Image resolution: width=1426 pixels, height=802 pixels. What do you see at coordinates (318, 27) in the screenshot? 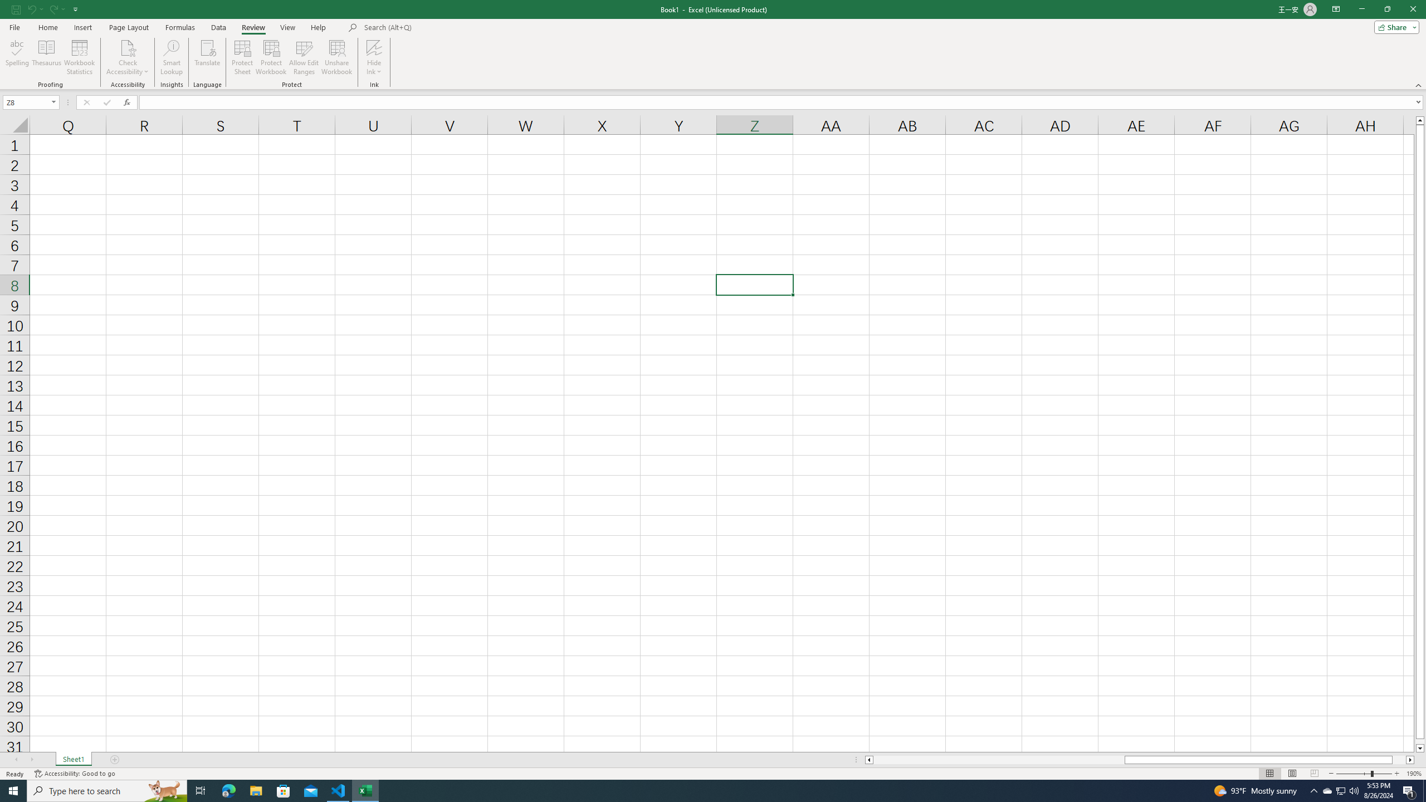
I see `'Help'` at bounding box center [318, 27].